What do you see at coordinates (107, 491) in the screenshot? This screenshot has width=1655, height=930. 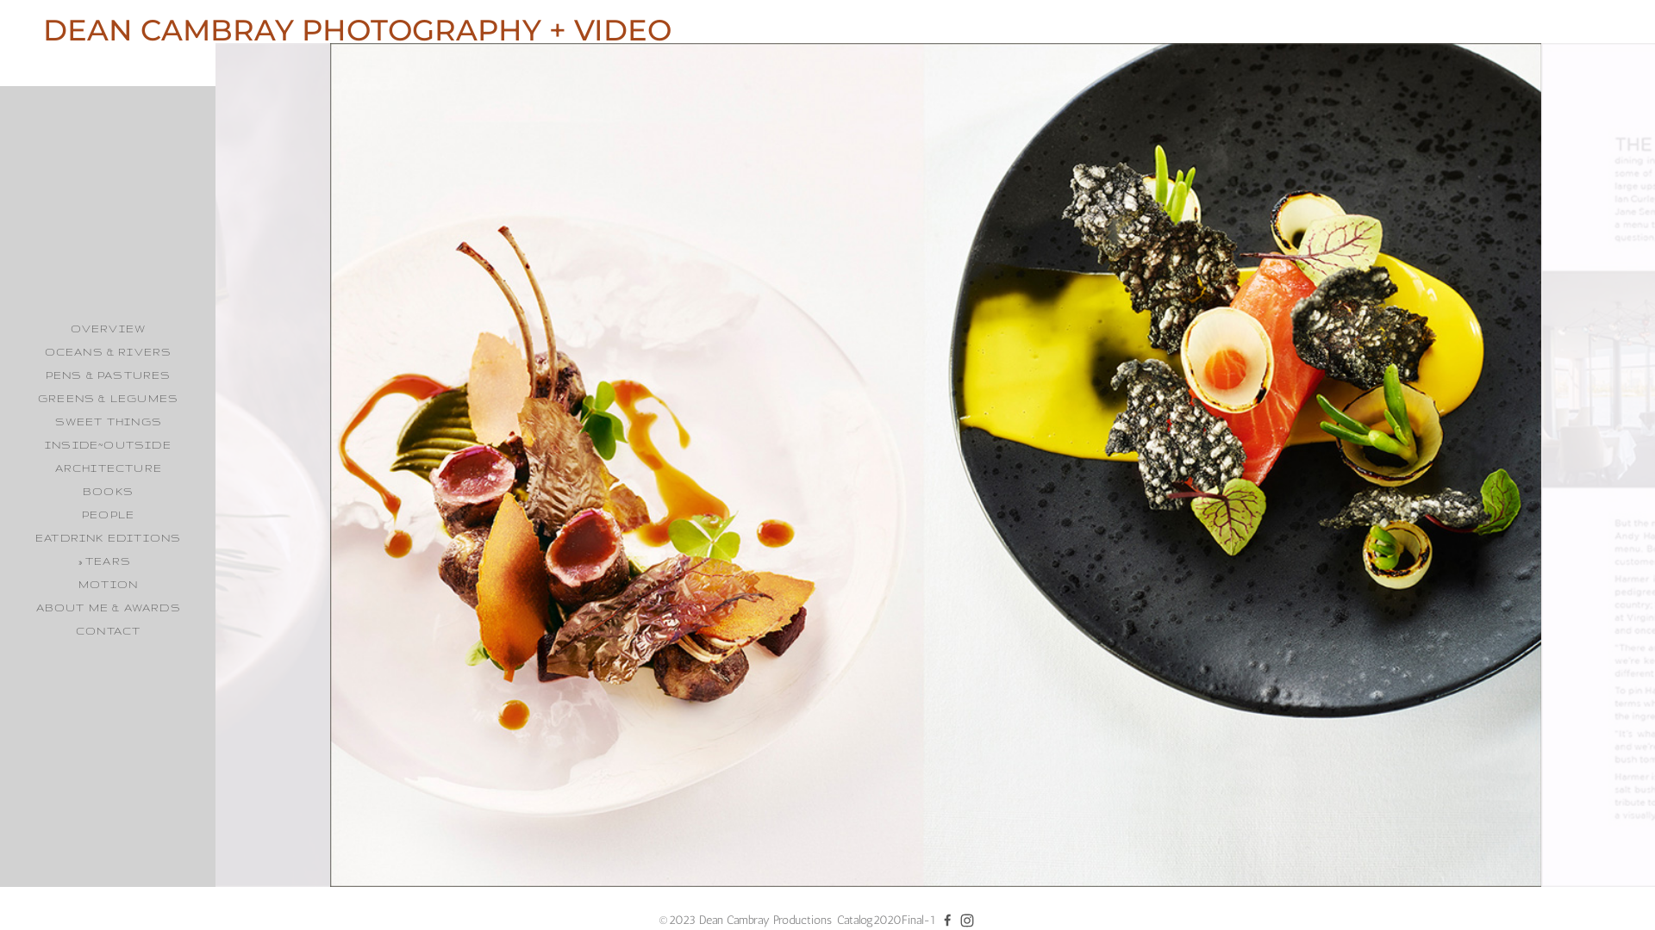 I see `'BOOKS'` at bounding box center [107, 491].